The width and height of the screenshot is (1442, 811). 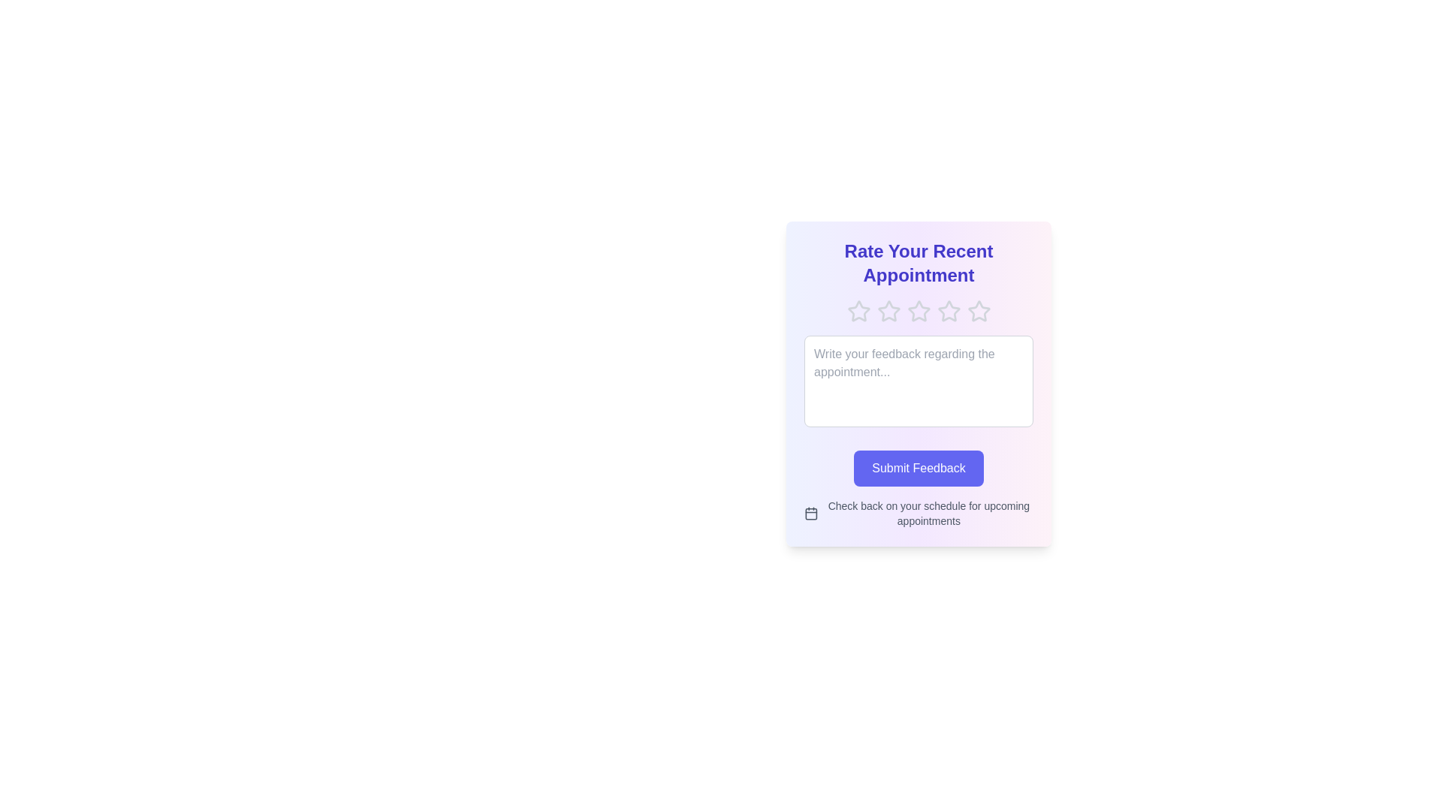 What do you see at coordinates (948, 311) in the screenshot?
I see `the star corresponding to 4 to preview the rating` at bounding box center [948, 311].